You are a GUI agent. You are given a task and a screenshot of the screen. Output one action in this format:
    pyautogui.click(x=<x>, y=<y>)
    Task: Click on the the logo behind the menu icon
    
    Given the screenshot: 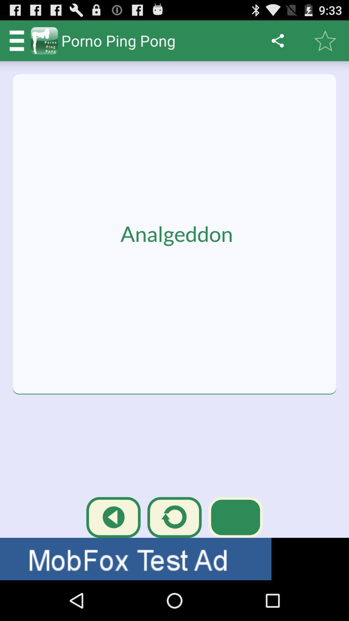 What is the action you would take?
    pyautogui.click(x=44, y=40)
    